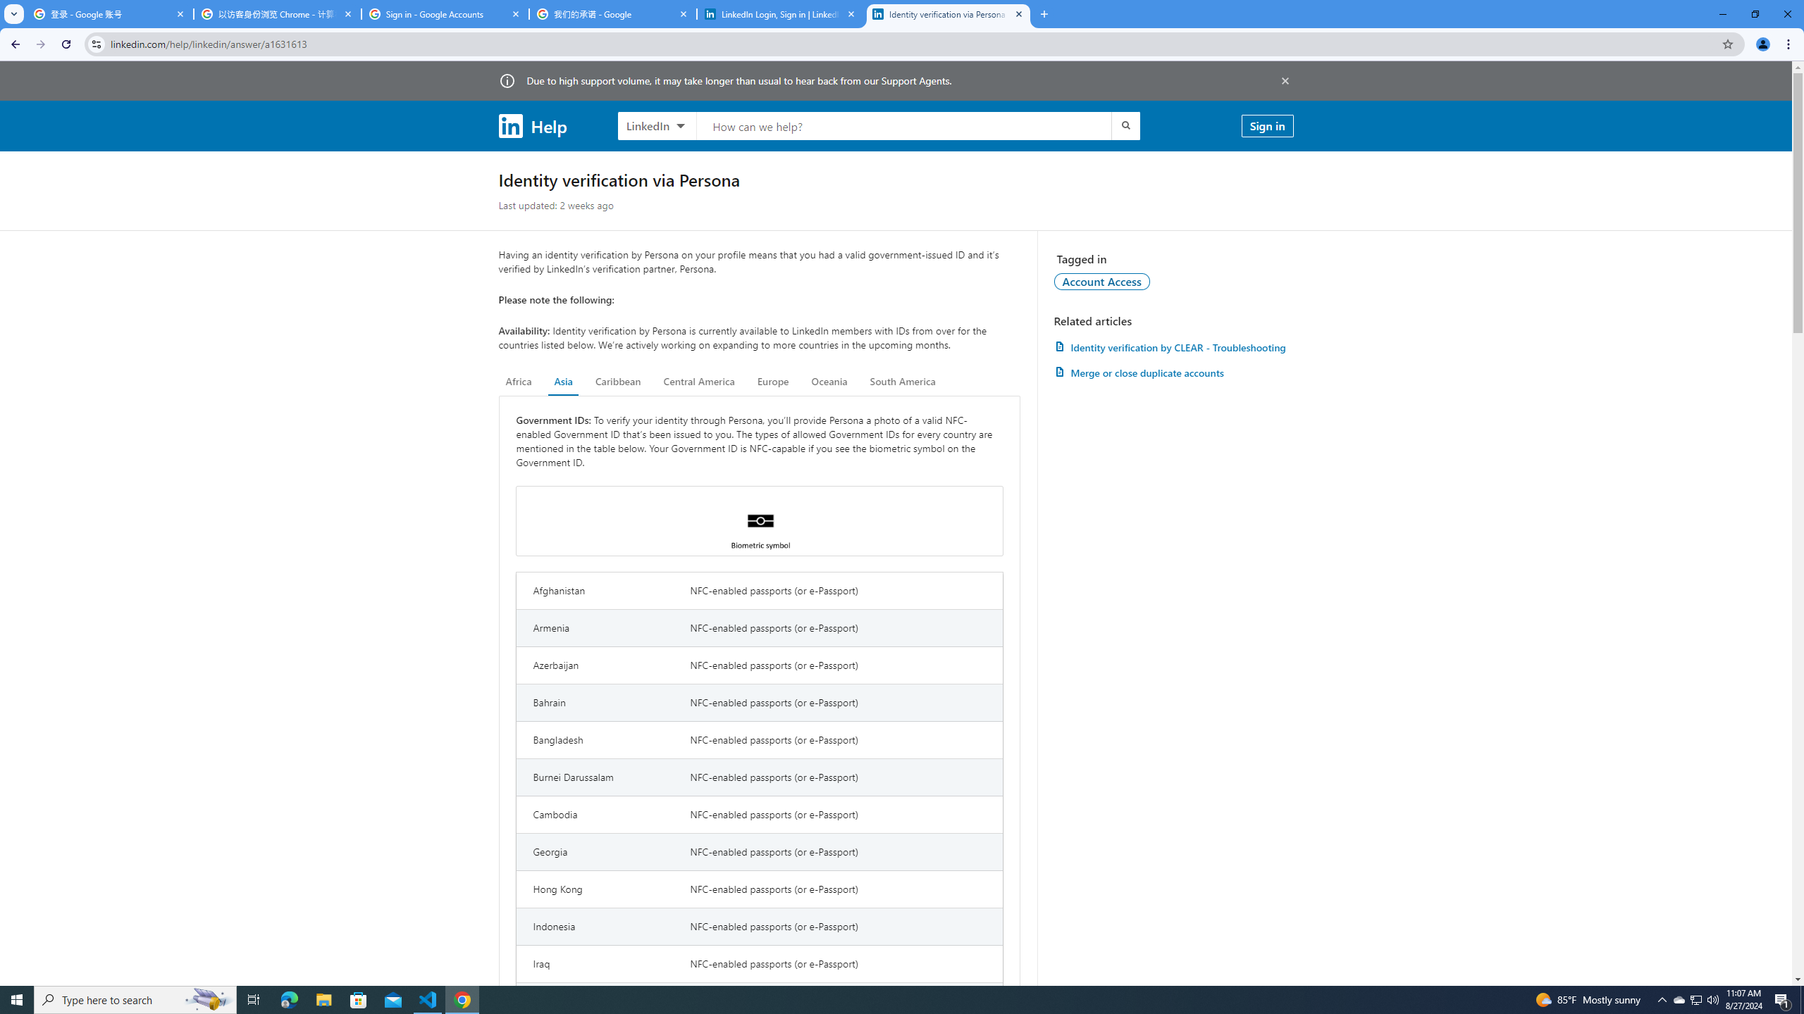  Describe the element at coordinates (1173, 372) in the screenshot. I see `'AutomationID: article-link-a1337200'` at that location.